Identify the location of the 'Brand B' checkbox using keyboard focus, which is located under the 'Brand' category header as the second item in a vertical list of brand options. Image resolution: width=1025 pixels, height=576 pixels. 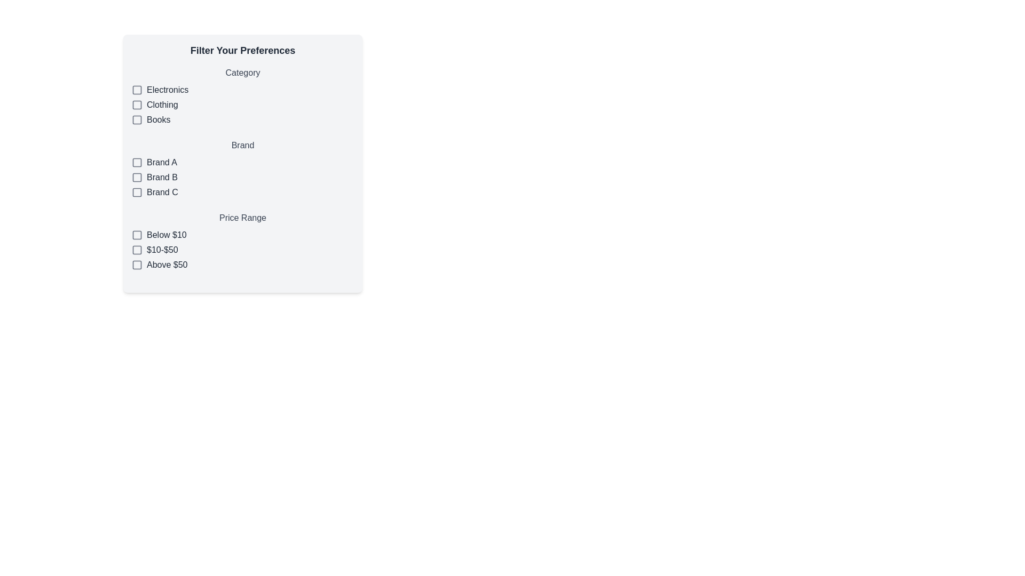
(242, 177).